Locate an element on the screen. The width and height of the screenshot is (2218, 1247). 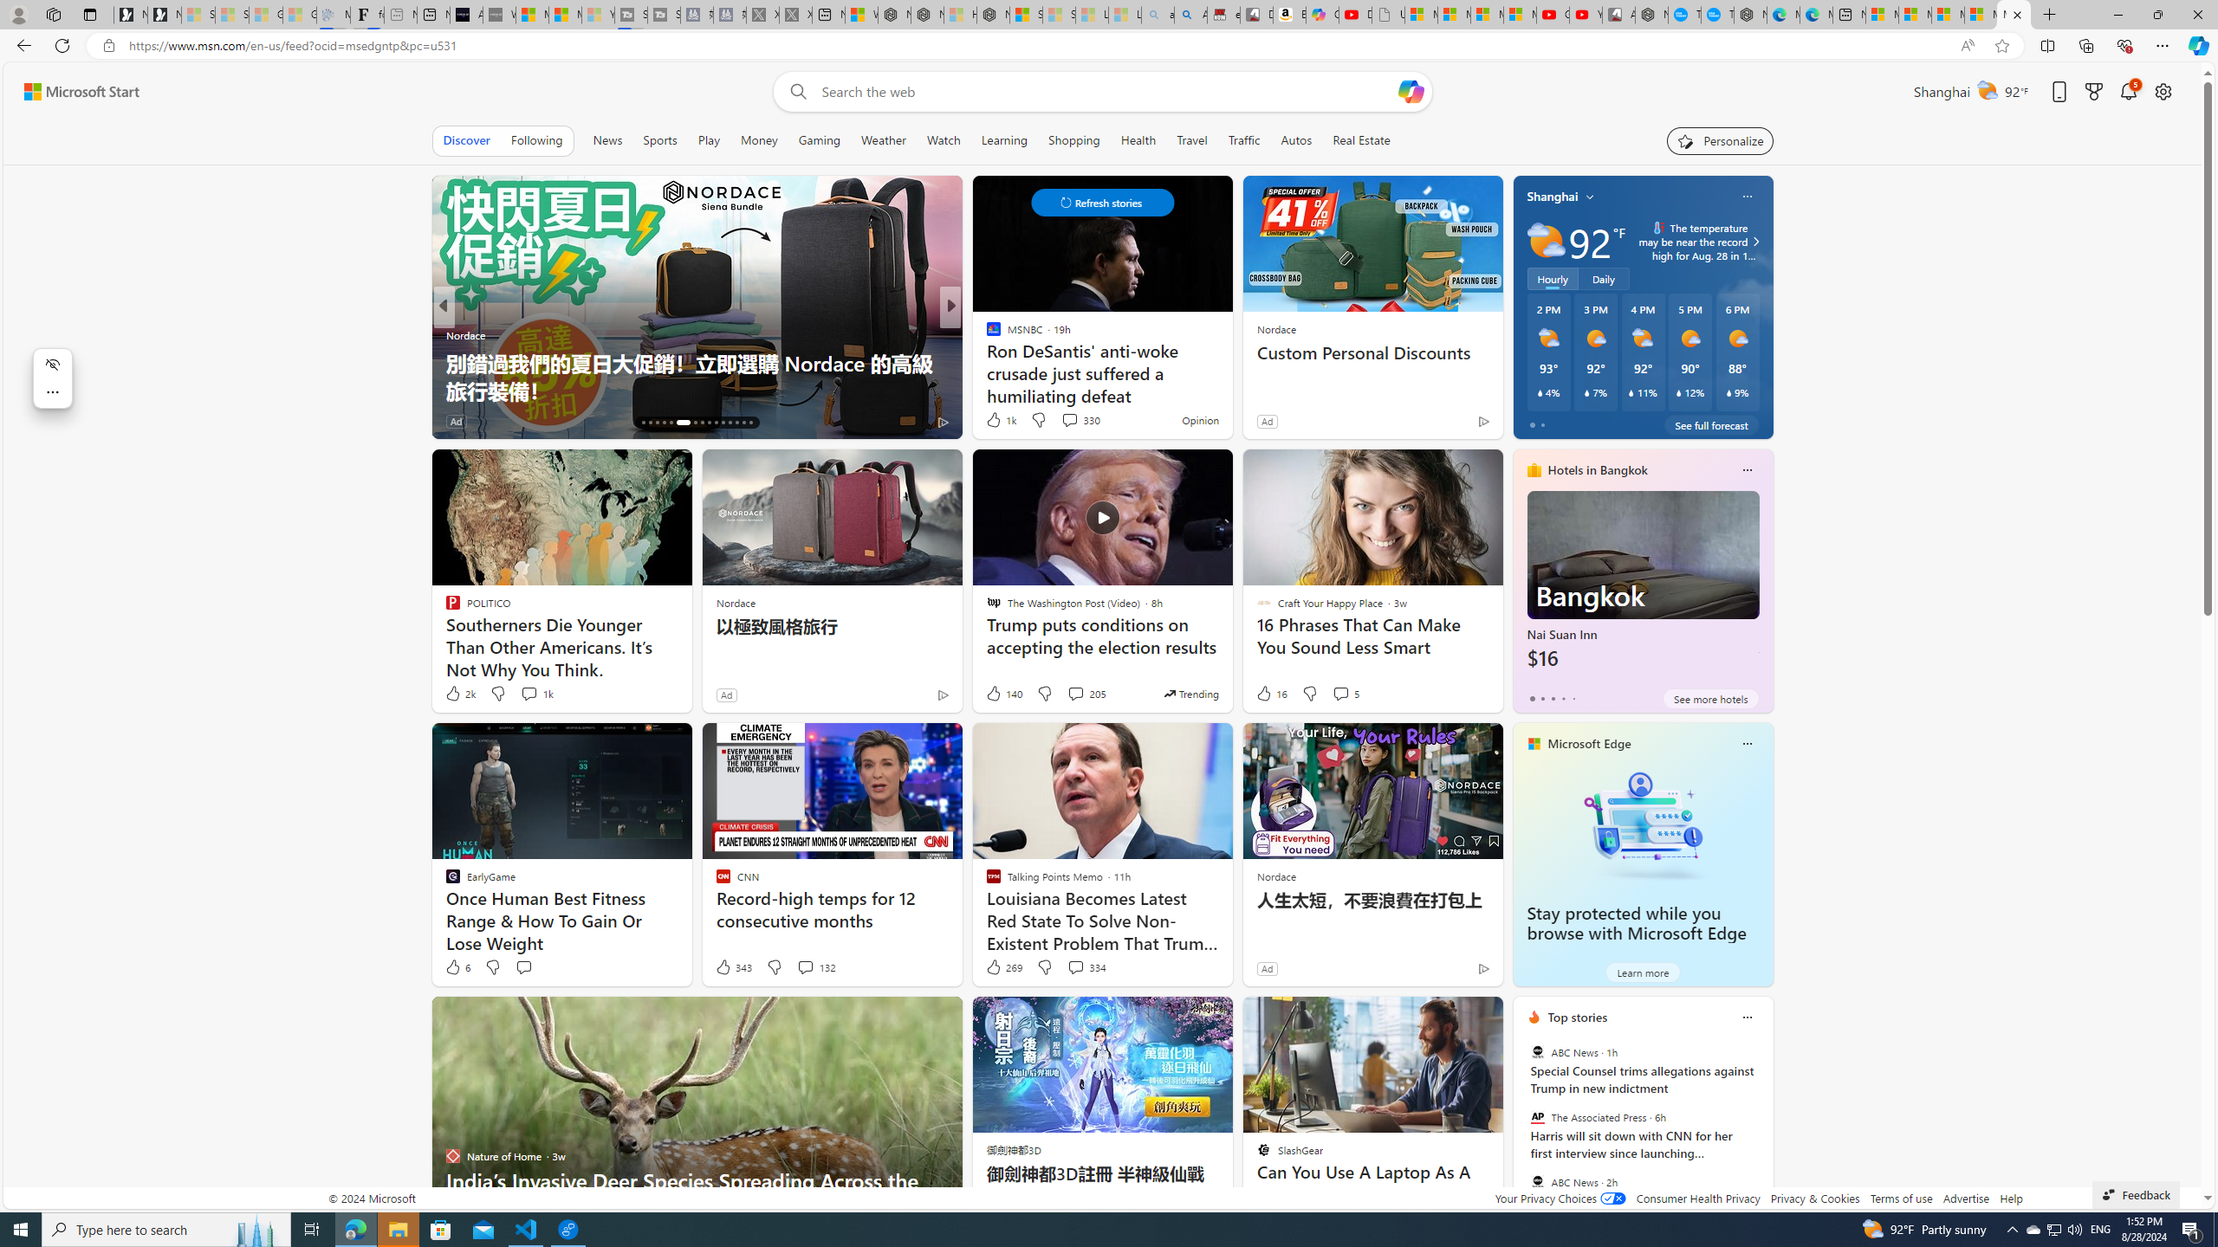
'View comments 2 Comment' is located at coordinates (1063, 421).